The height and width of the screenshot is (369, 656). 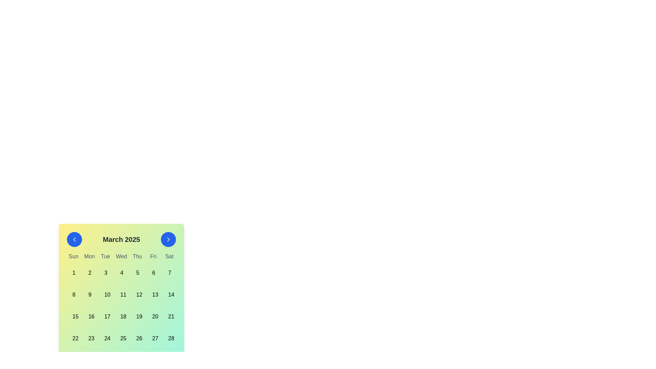 What do you see at coordinates (73, 339) in the screenshot?
I see `on the Date cell displaying the number '22' in the calendar grid, located in the sixth row and first column under the 'Sun' column` at bounding box center [73, 339].